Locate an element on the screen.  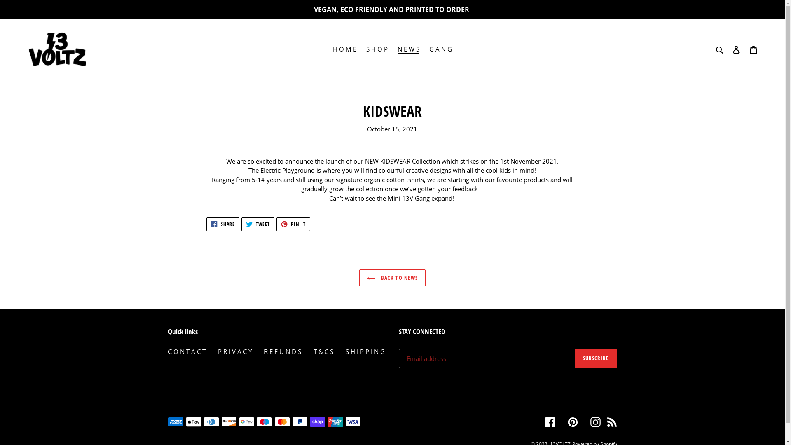
'Cart' is located at coordinates (753, 49).